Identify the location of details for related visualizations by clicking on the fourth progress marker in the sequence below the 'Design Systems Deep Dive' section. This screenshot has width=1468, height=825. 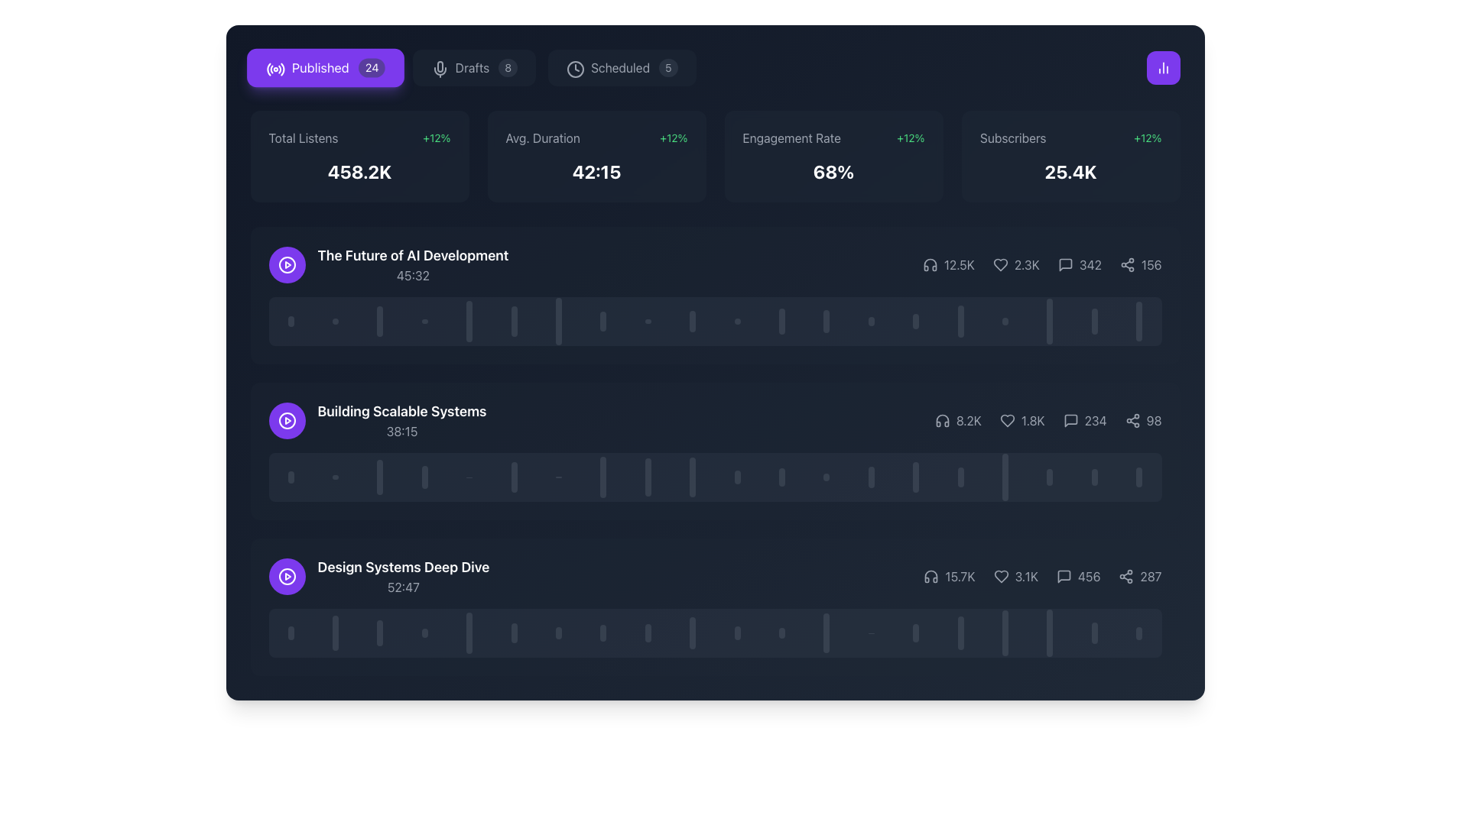
(424, 633).